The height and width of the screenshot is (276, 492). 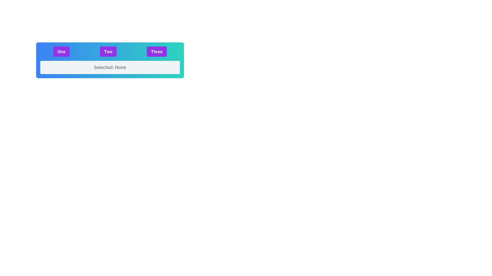 What do you see at coordinates (61, 51) in the screenshot?
I see `the purple button labeled 'One'` at bounding box center [61, 51].